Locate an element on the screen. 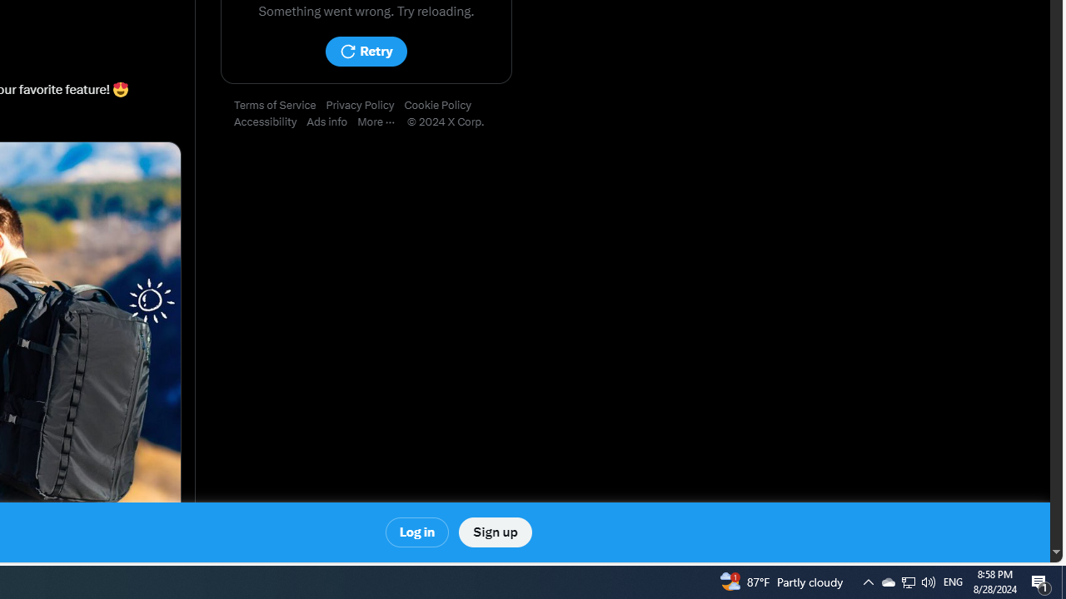 This screenshot has width=1066, height=599. 'Retry' is located at coordinates (365, 51).